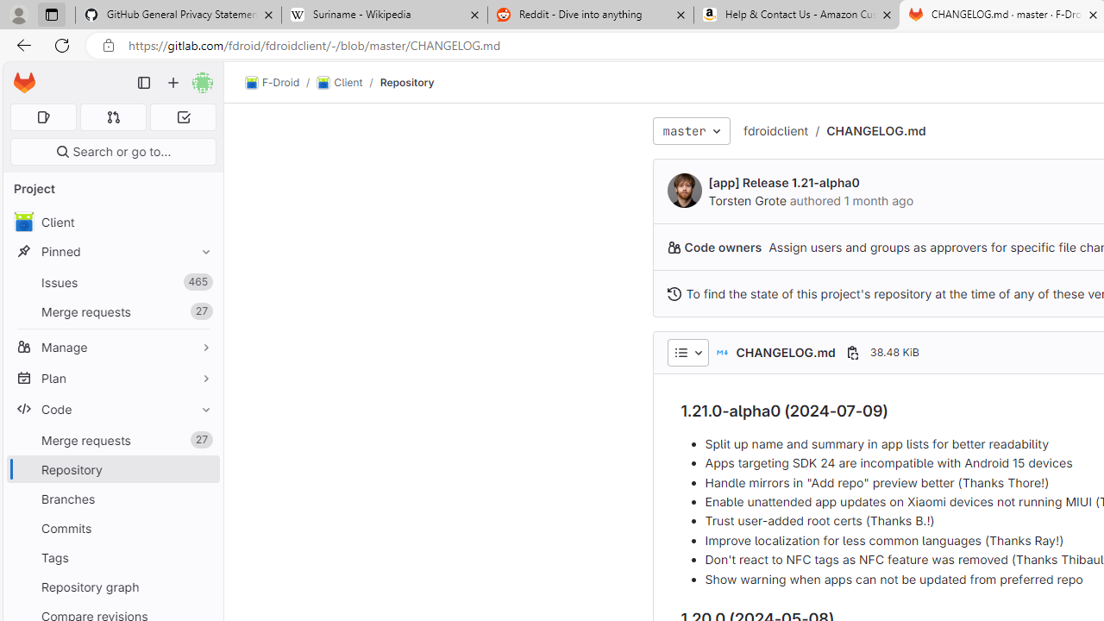 The height and width of the screenshot is (621, 1104). I want to click on 'Torsten Grote', so click(683, 191).